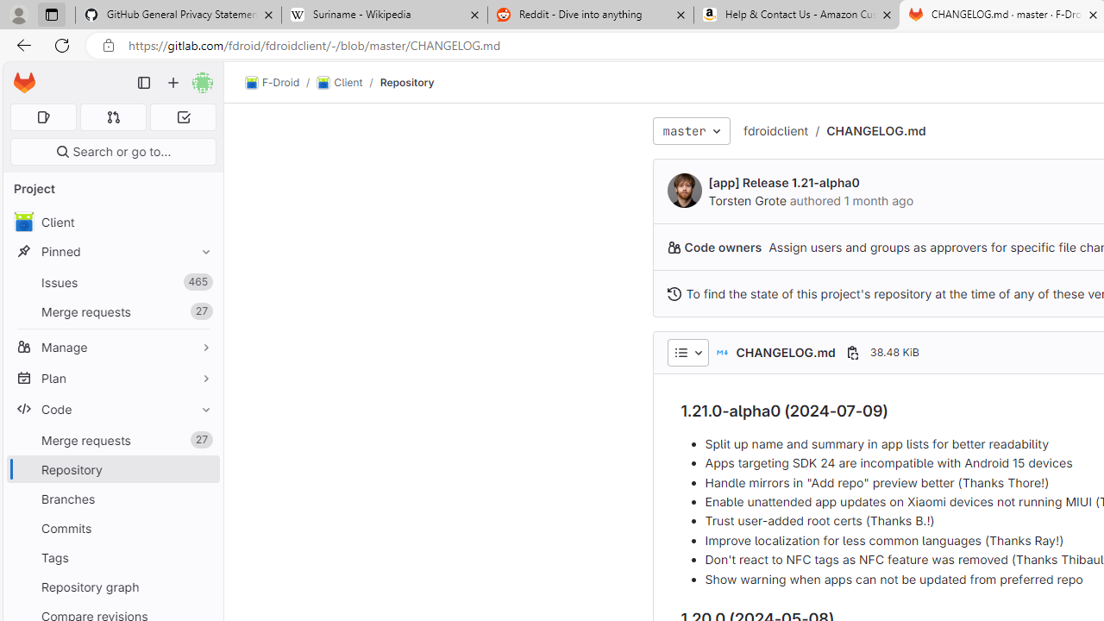 The height and width of the screenshot is (621, 1104). I want to click on 'Torsten Grote', so click(683, 191).